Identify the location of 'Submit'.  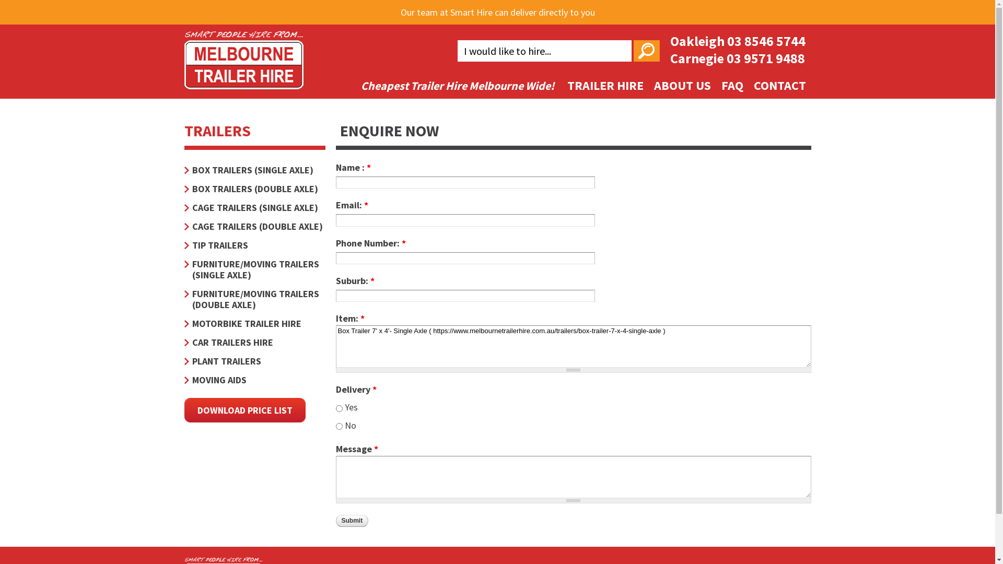
(352, 521).